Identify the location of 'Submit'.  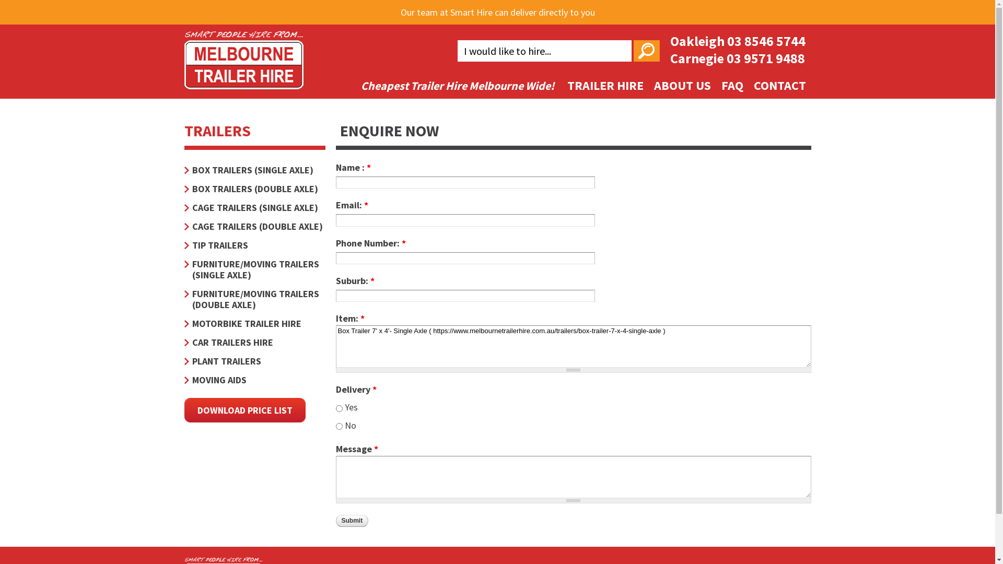
(352, 521).